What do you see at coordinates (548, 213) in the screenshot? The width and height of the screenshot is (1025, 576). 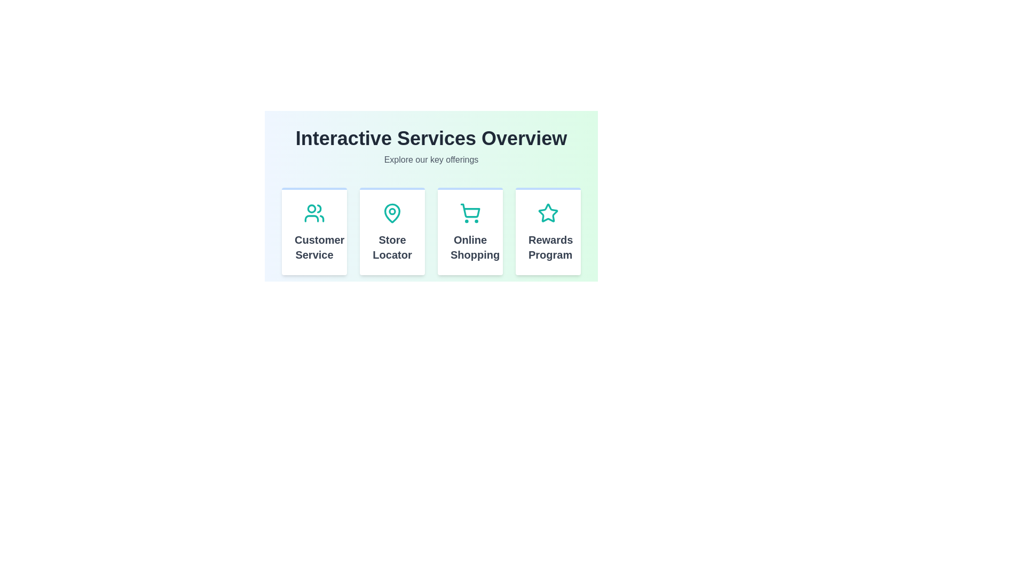 I see `the star-shaped icon with a teal outline located in the 'Rewards Program' card, which is the rightmost card in the row of interactive cards` at bounding box center [548, 213].